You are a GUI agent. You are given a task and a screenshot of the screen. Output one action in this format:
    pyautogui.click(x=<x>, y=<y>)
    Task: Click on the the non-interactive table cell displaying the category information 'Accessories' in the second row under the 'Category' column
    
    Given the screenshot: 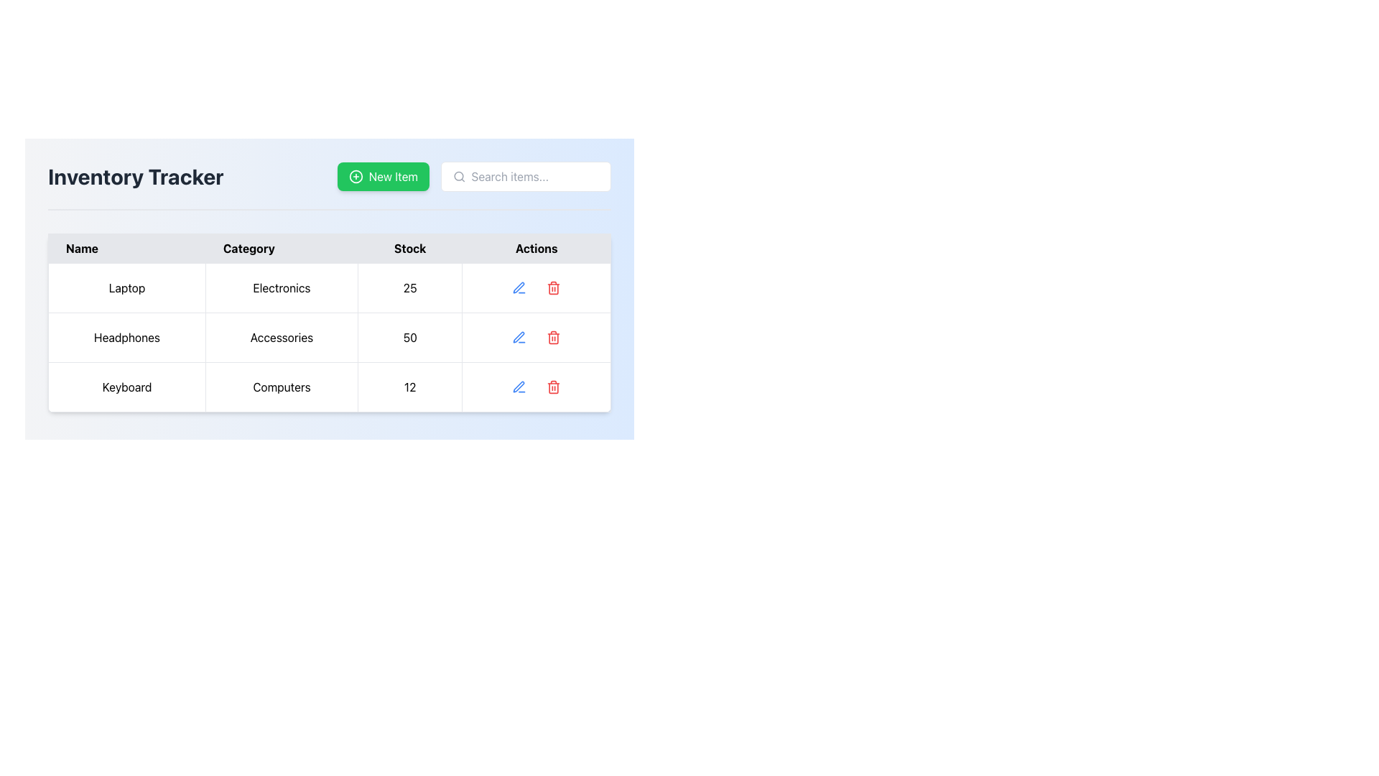 What is the action you would take?
    pyautogui.click(x=282, y=338)
    